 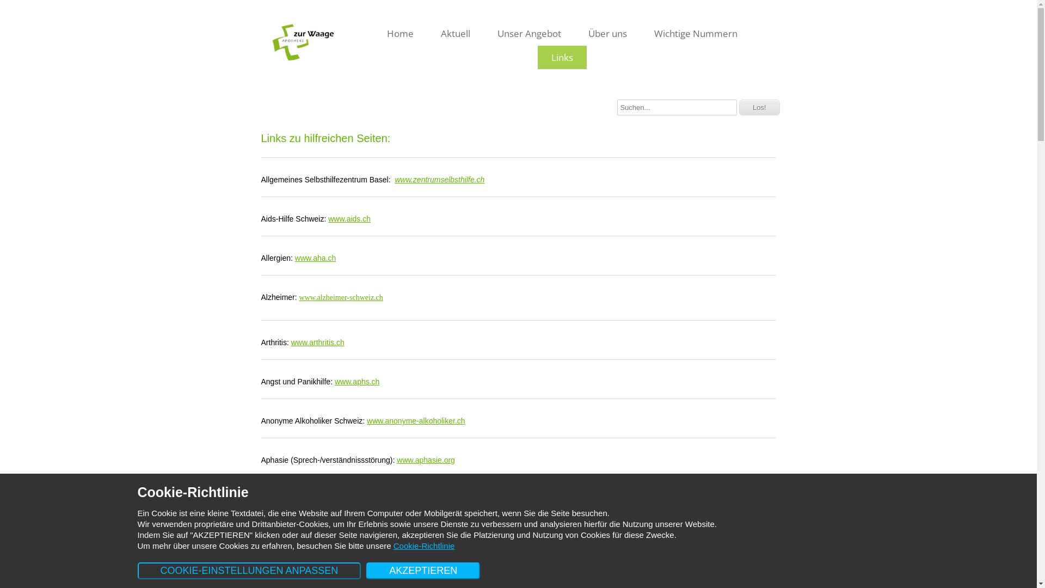 What do you see at coordinates (248, 570) in the screenshot?
I see `'COOKIE-EINSTELLUNGEN ANPASSEN'` at bounding box center [248, 570].